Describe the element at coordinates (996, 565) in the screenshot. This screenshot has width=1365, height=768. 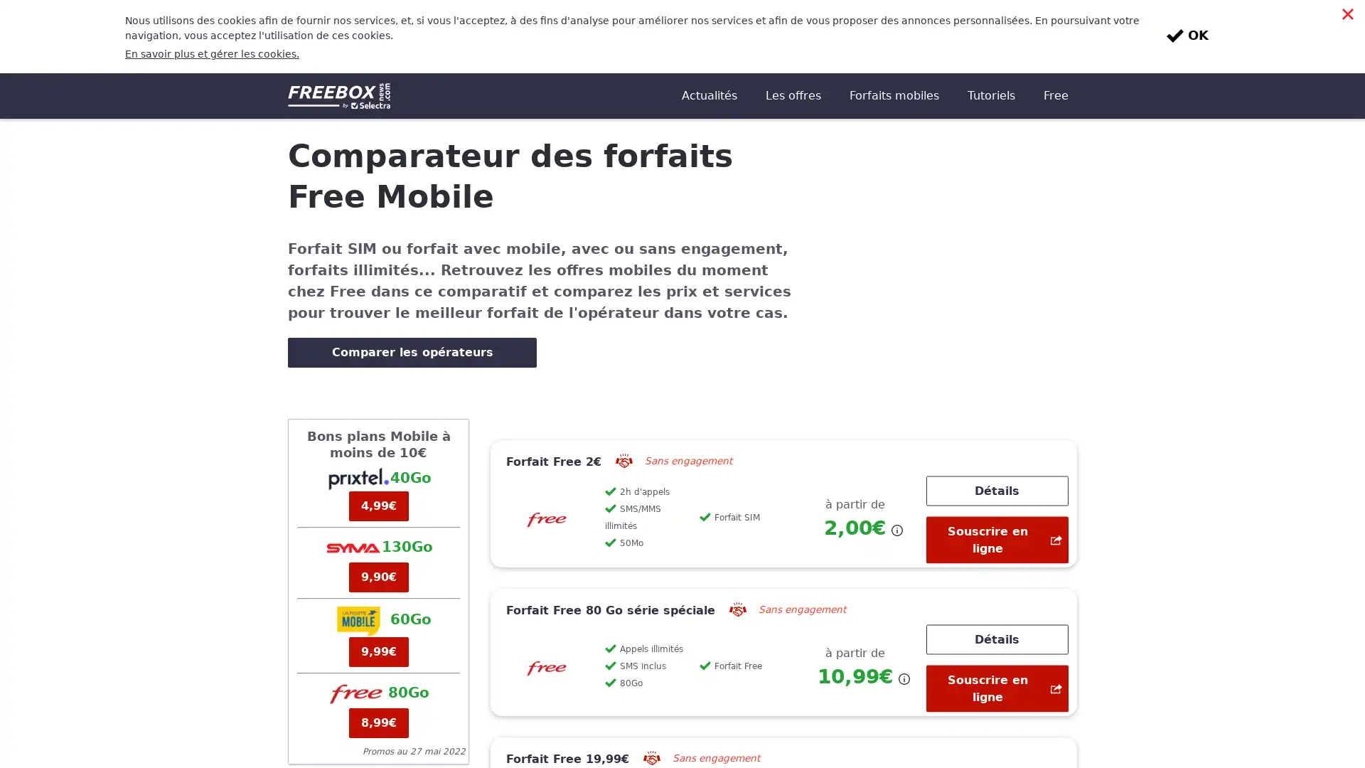
I see `Details` at that location.